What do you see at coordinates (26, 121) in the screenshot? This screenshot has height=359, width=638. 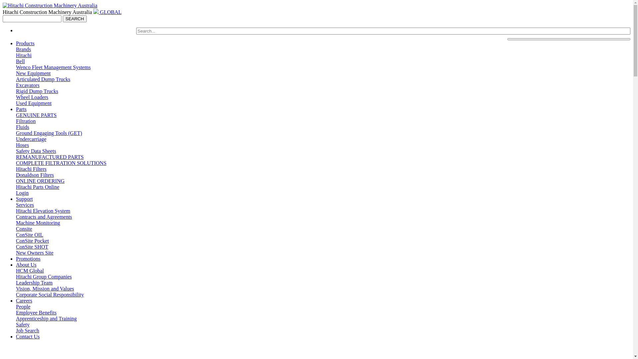 I see `'Filtration'` at bounding box center [26, 121].